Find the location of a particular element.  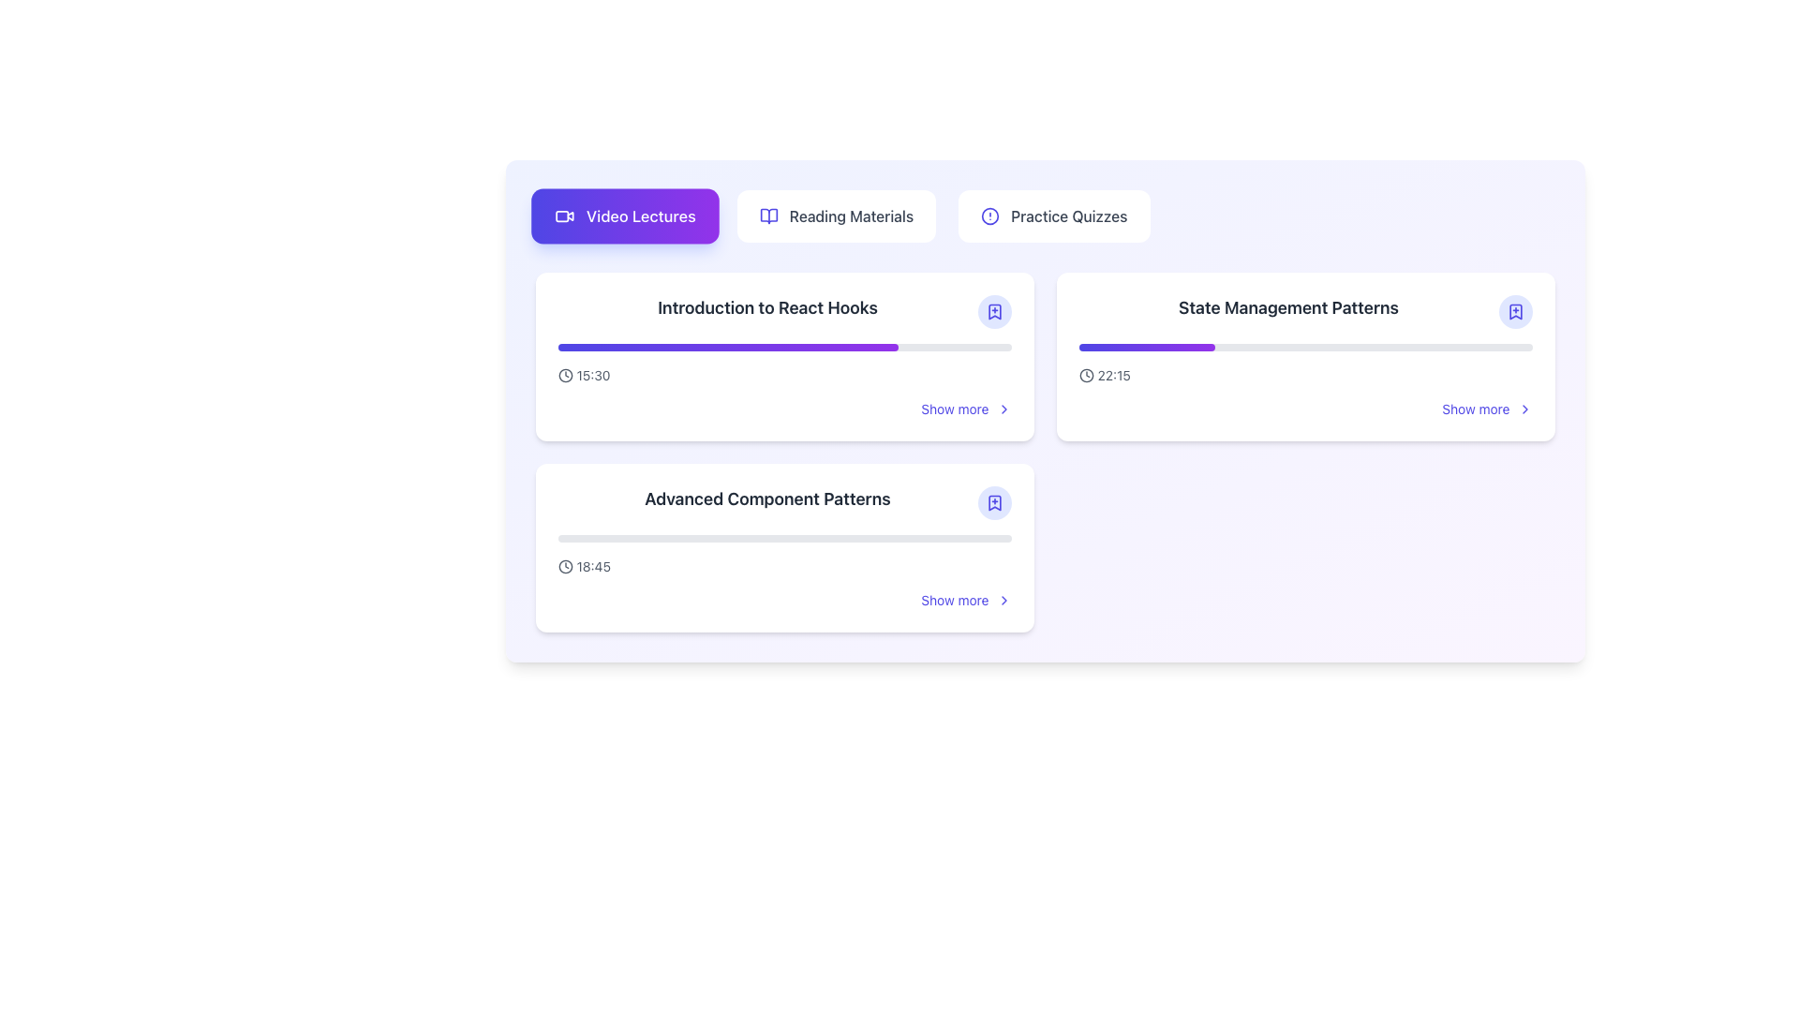

the interactive button to bookmark or save the content located to the right of the text 'Introduction to React Hooks' is located at coordinates (993, 310).